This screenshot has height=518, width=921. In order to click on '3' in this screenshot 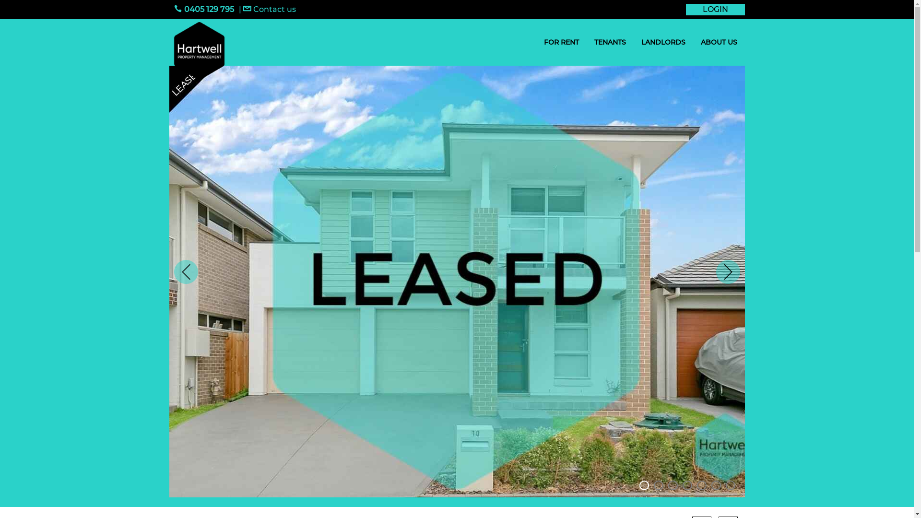, I will do `click(672, 485)`.